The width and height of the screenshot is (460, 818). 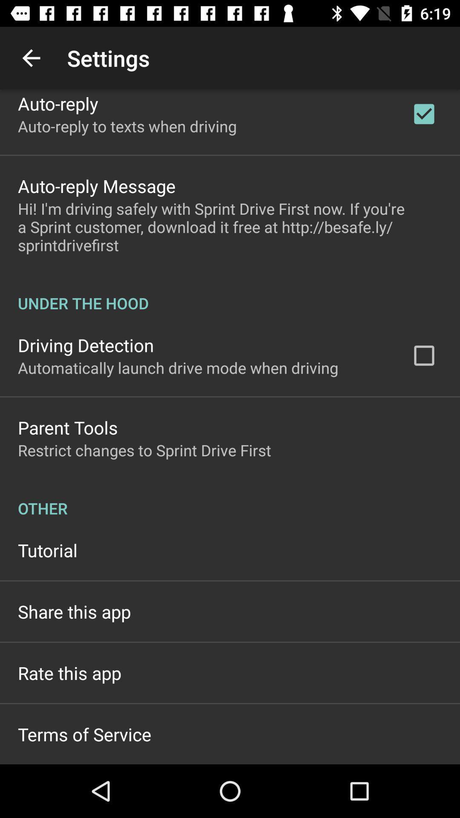 I want to click on under the hood, so click(x=230, y=294).